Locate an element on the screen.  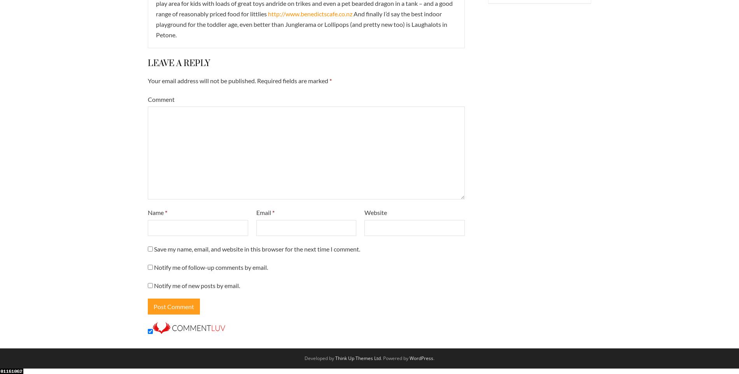
'Email' is located at coordinates (264, 212).